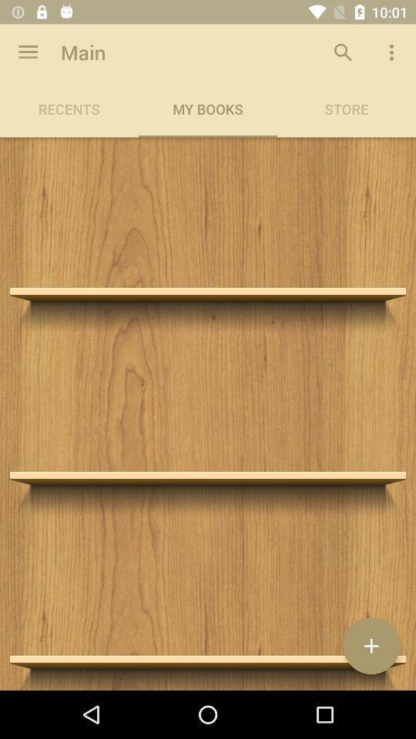  I want to click on the add icon, so click(371, 646).